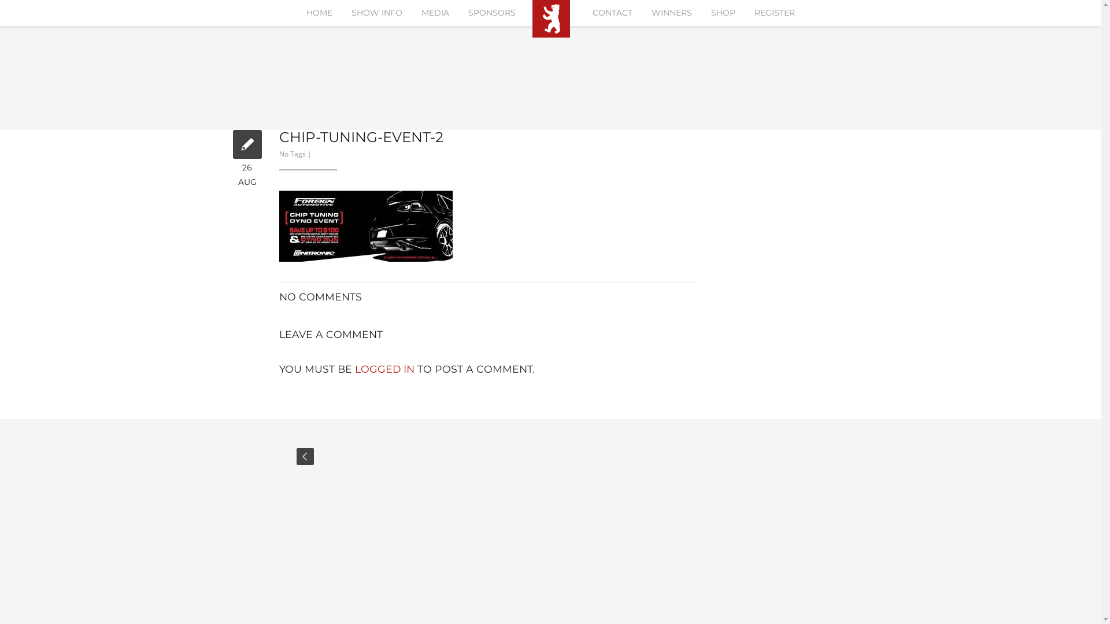 Image resolution: width=1110 pixels, height=624 pixels. I want to click on 'LOGGED IN', so click(384, 369).